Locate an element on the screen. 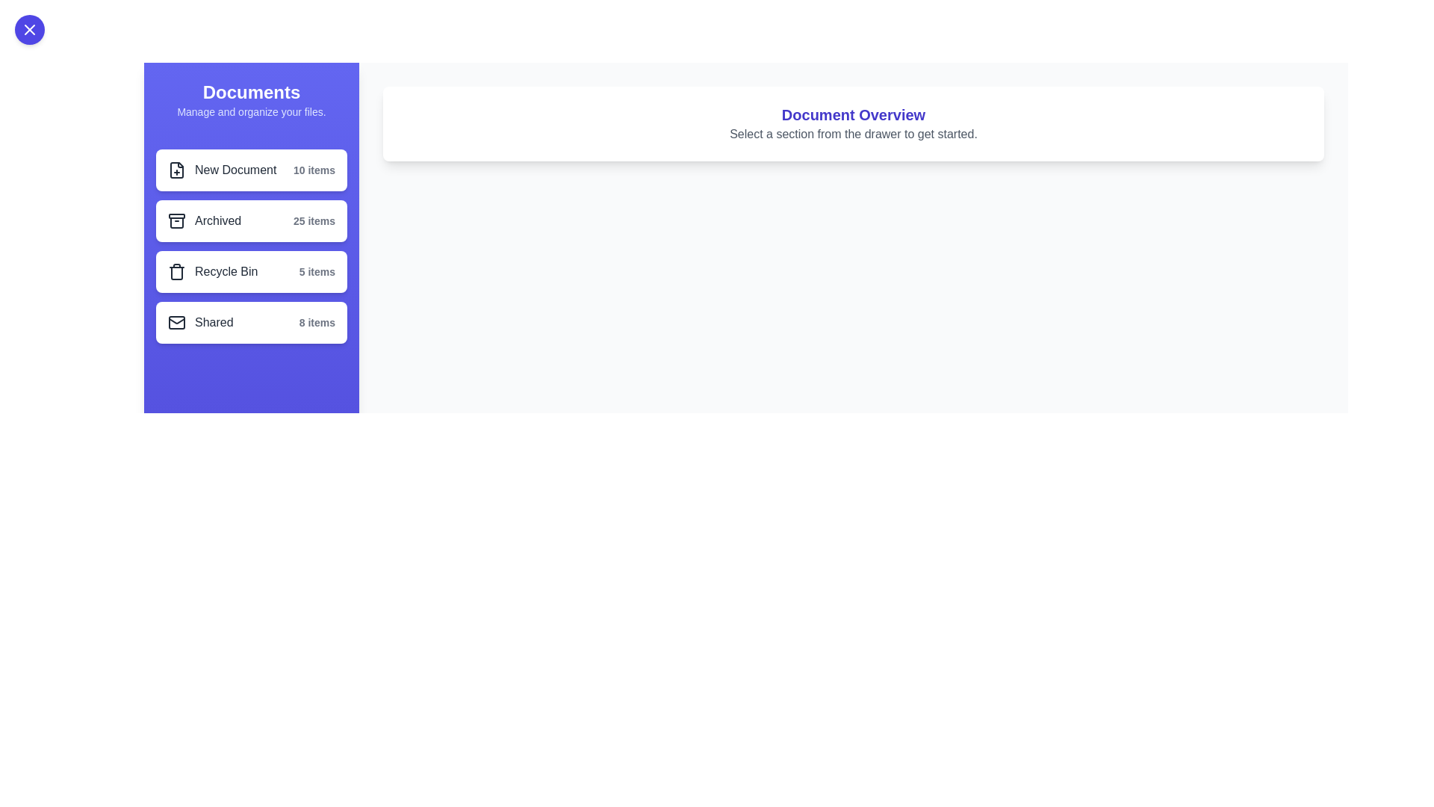 Image resolution: width=1434 pixels, height=807 pixels. the section labeled Archived in the drawer is located at coordinates (251, 221).